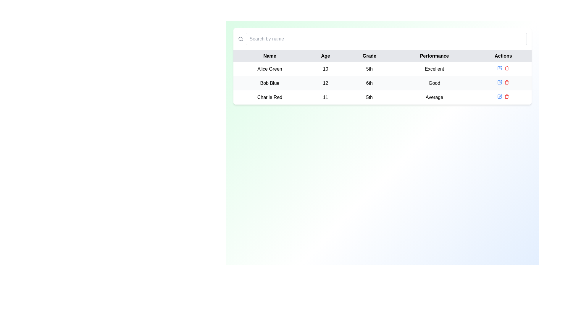  I want to click on the fifth Table Header Cell in the header row of the table, which indicates actions for each row, so click(503, 56).